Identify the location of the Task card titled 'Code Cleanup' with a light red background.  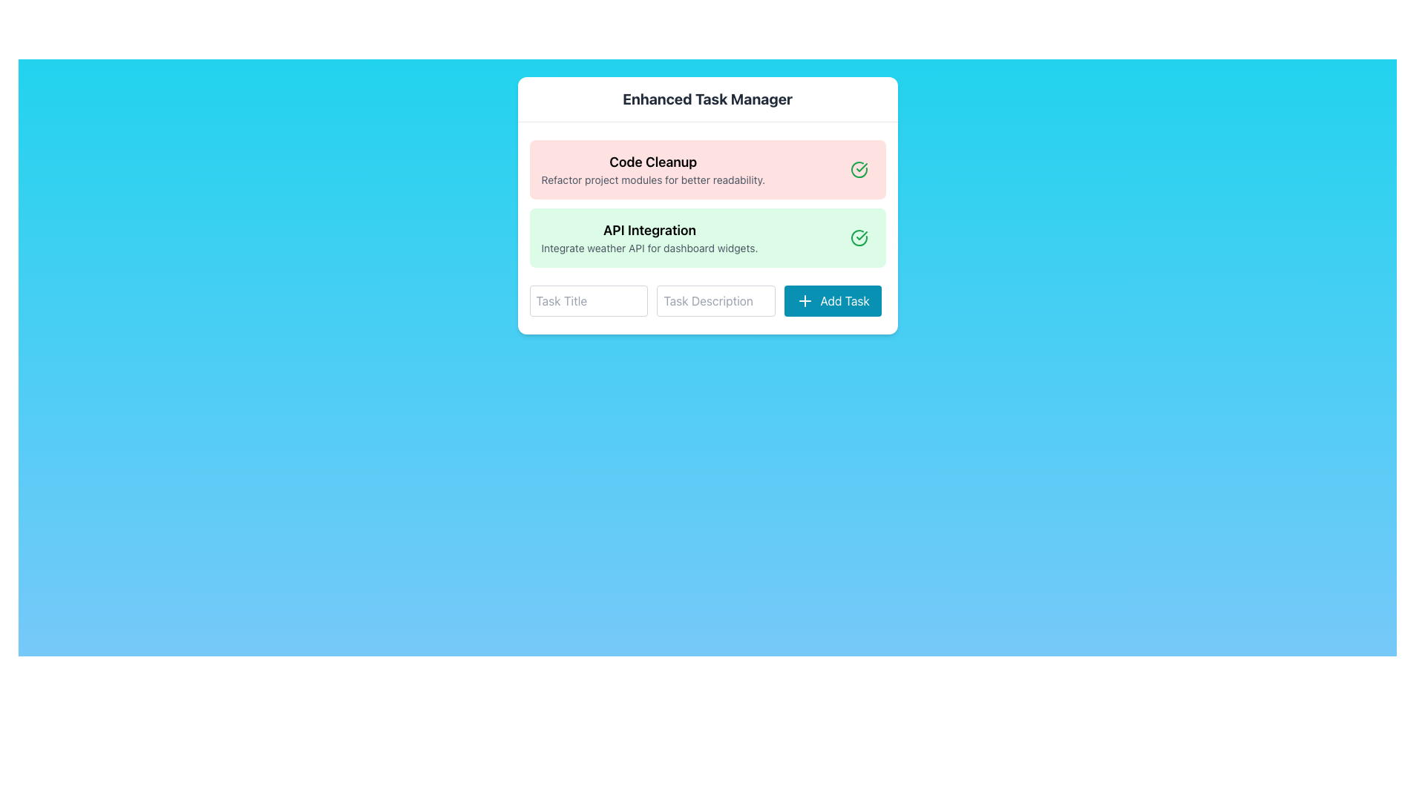
(707, 168).